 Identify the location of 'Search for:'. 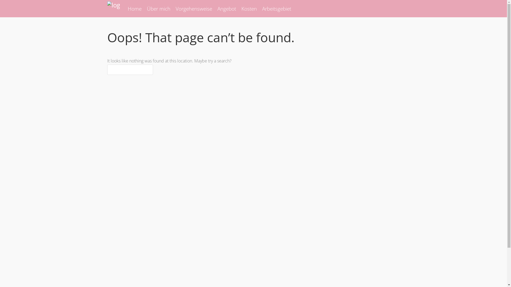
(107, 69).